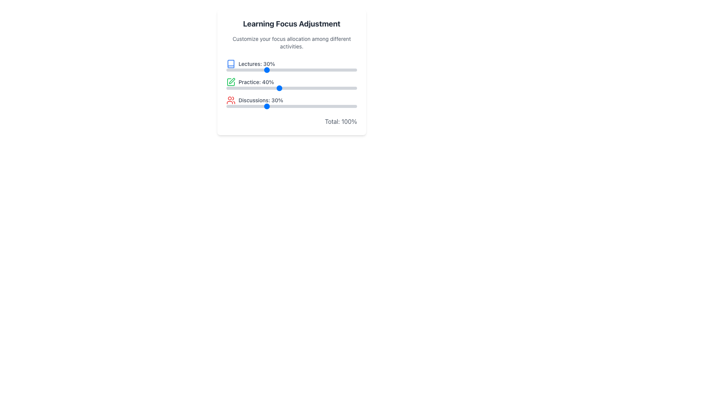 The width and height of the screenshot is (727, 409). I want to click on the slider, so click(234, 106).